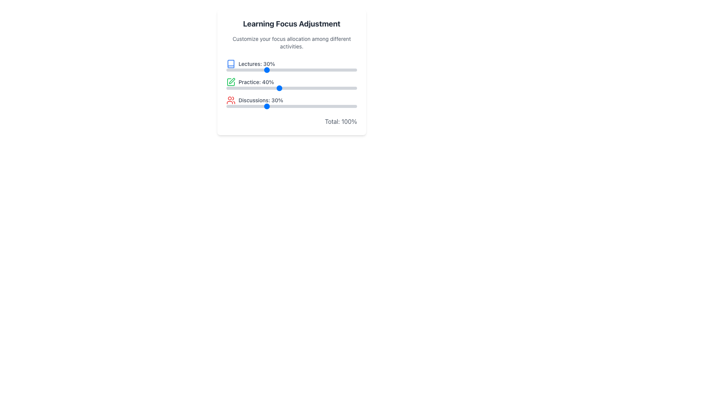 The width and height of the screenshot is (727, 409). I want to click on the slider, so click(234, 106).